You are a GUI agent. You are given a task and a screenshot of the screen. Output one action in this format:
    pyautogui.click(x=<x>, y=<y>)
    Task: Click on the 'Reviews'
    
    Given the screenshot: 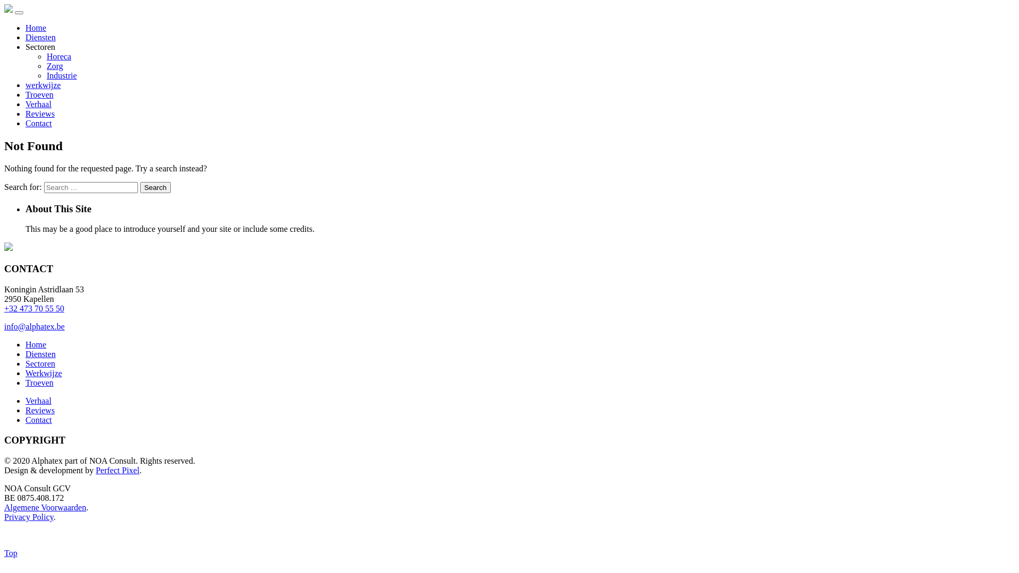 What is the action you would take?
    pyautogui.click(x=40, y=410)
    